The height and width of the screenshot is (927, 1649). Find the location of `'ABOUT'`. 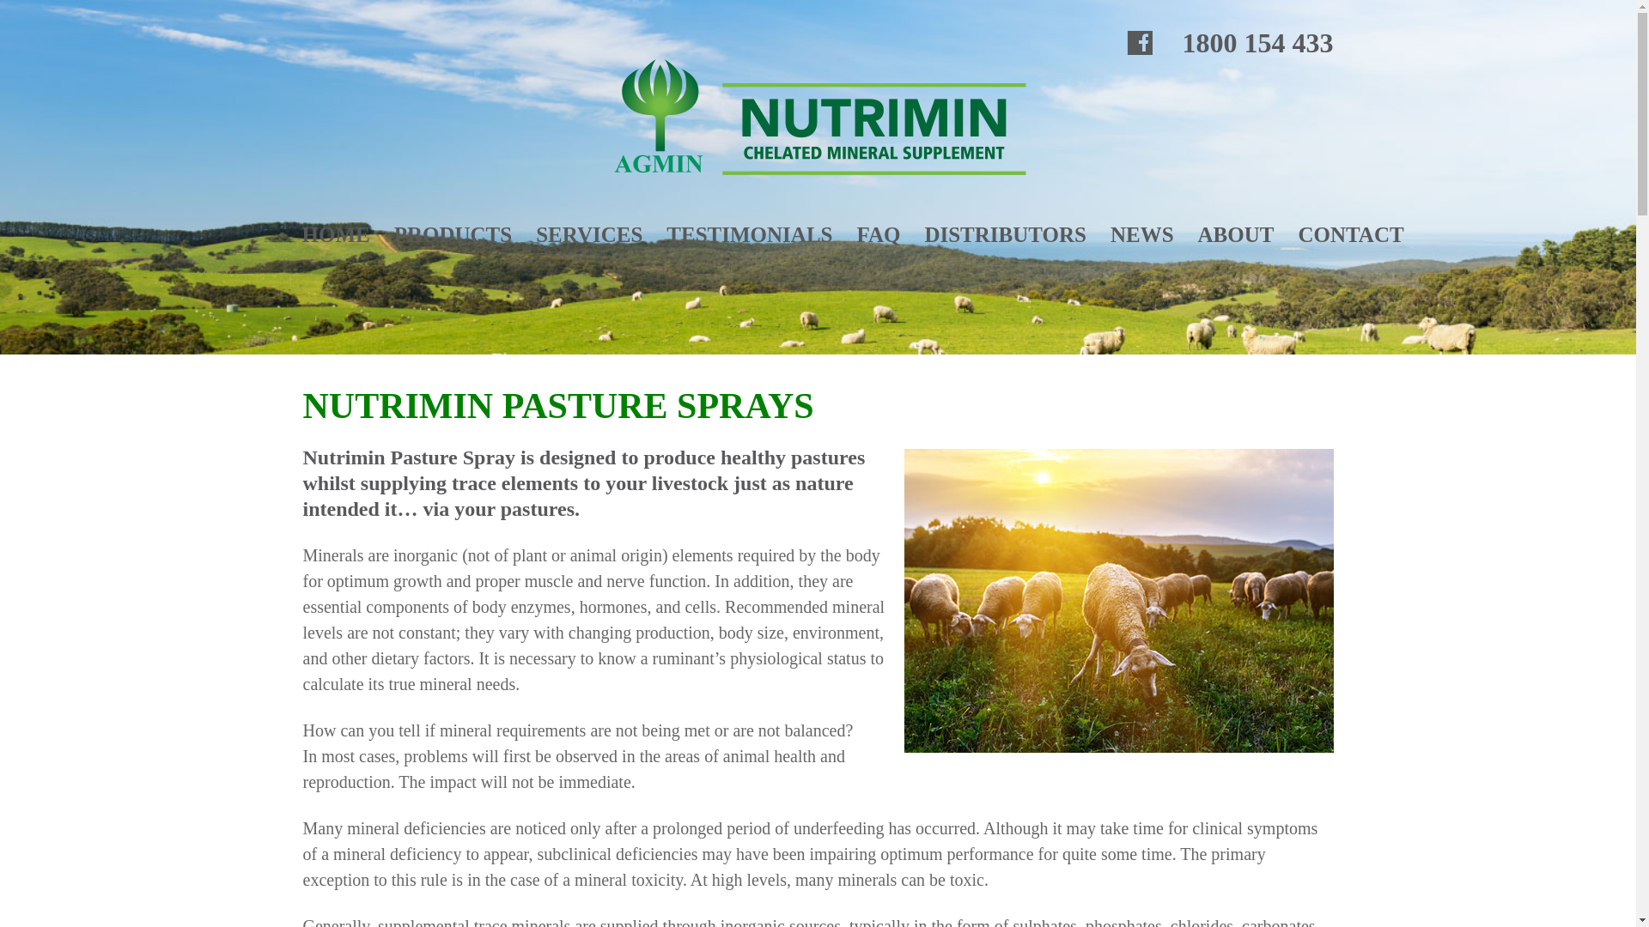

'ABOUT' is located at coordinates (1197, 234).